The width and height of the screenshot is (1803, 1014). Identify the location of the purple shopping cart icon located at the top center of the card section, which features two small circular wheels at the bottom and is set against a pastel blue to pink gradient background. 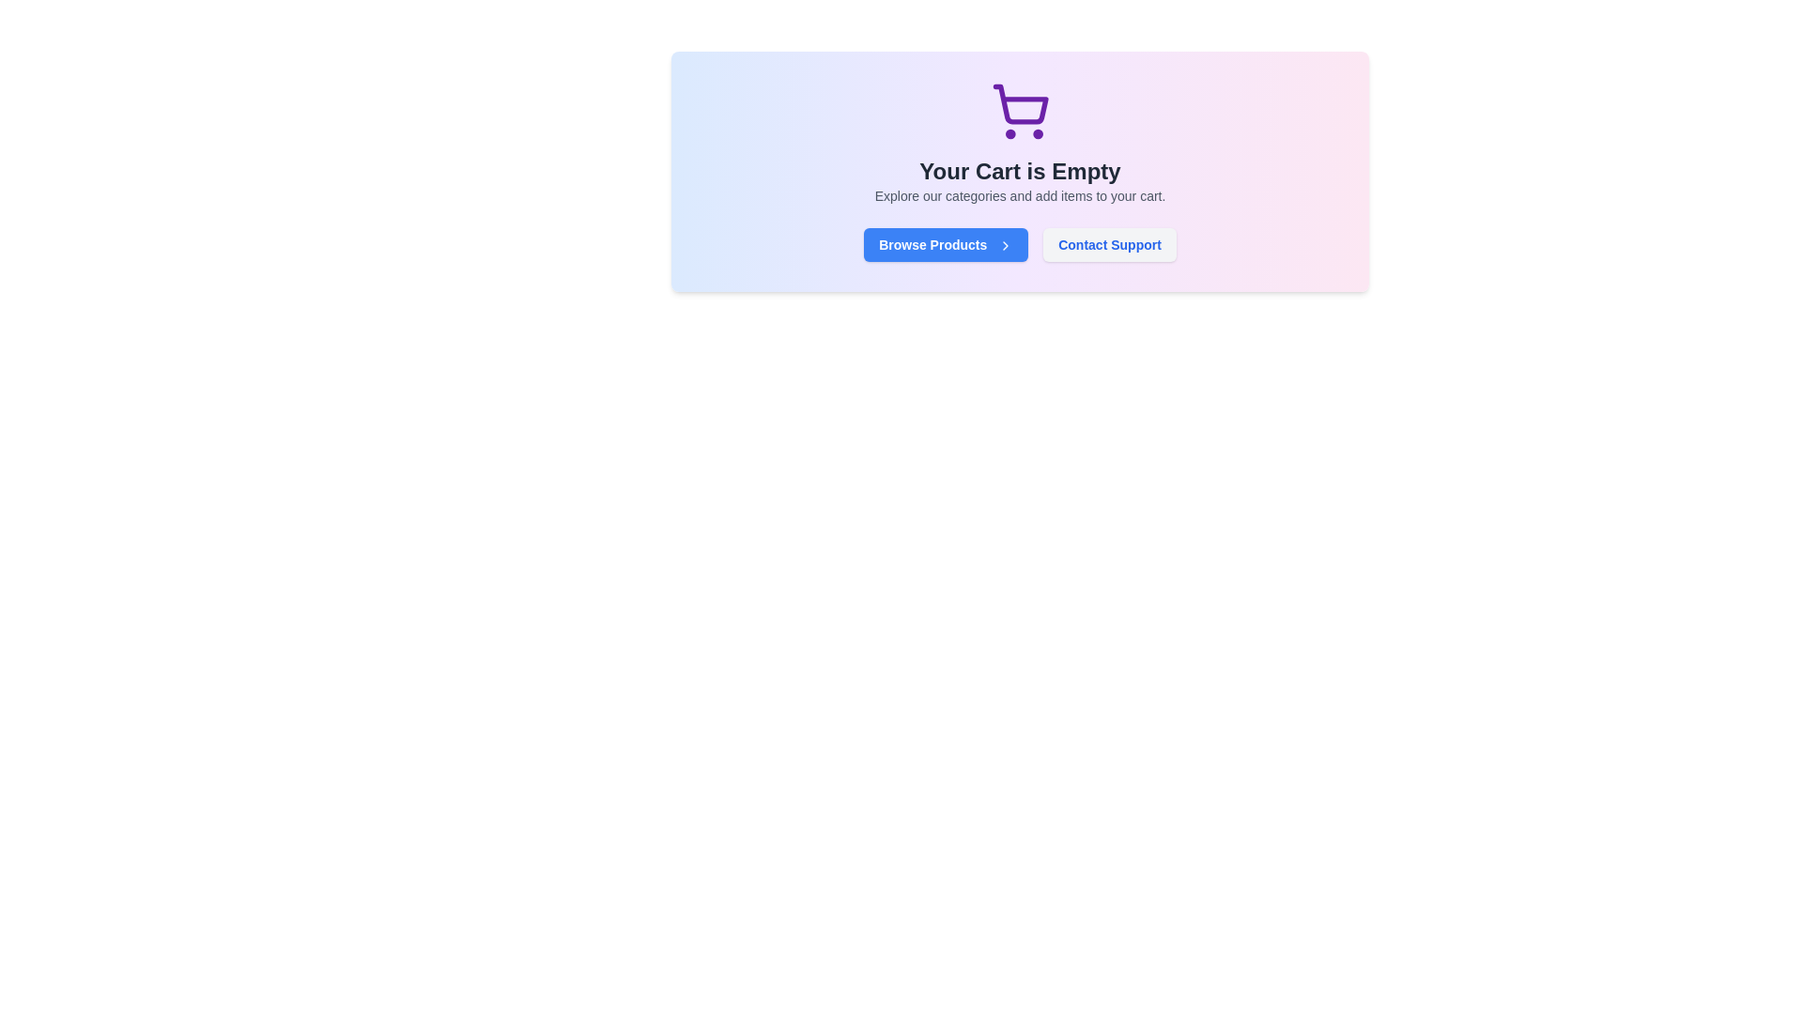
(1019, 112).